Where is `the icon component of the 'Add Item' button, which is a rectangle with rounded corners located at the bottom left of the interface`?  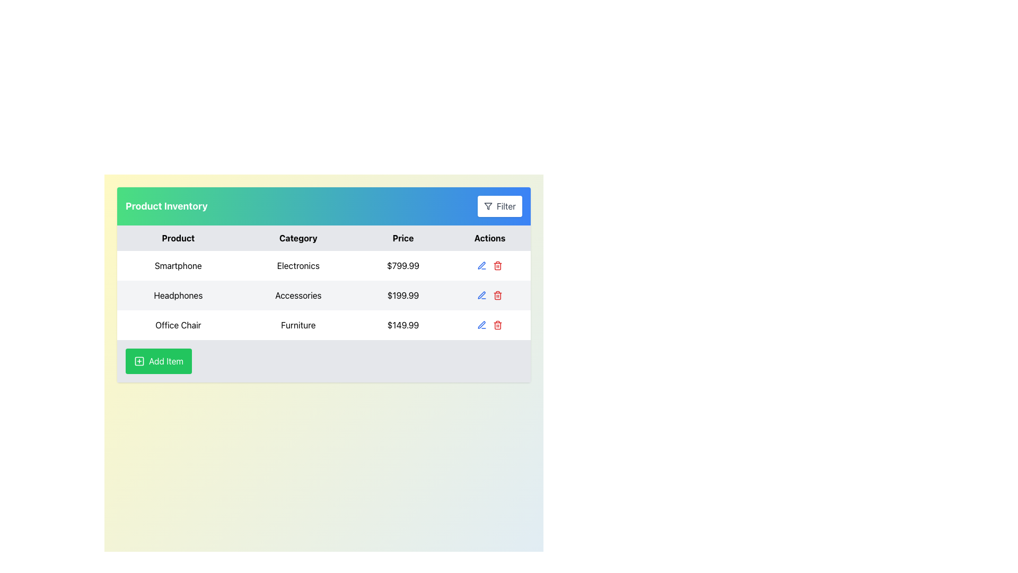
the icon component of the 'Add Item' button, which is a rectangle with rounded corners located at the bottom left of the interface is located at coordinates (139, 361).